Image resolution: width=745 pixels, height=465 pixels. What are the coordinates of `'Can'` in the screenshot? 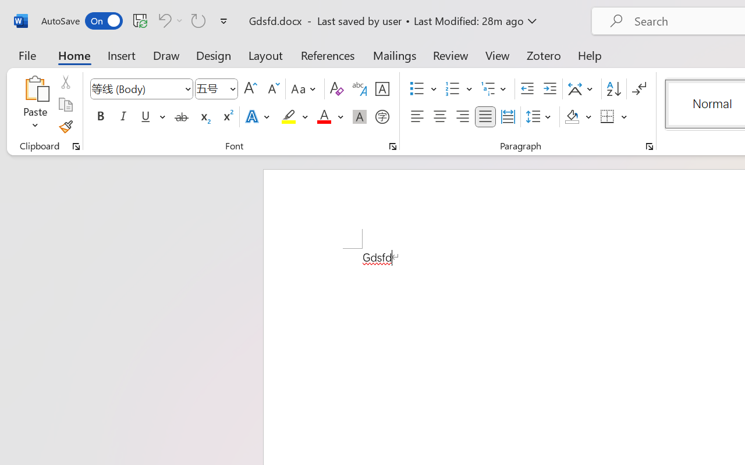 It's located at (162, 20).